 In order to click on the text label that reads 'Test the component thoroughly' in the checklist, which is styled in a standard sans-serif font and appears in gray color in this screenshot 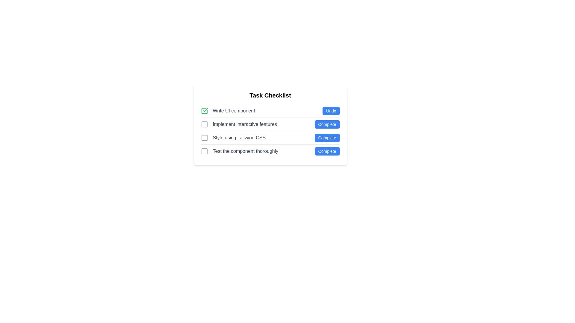, I will do `click(245, 151)`.